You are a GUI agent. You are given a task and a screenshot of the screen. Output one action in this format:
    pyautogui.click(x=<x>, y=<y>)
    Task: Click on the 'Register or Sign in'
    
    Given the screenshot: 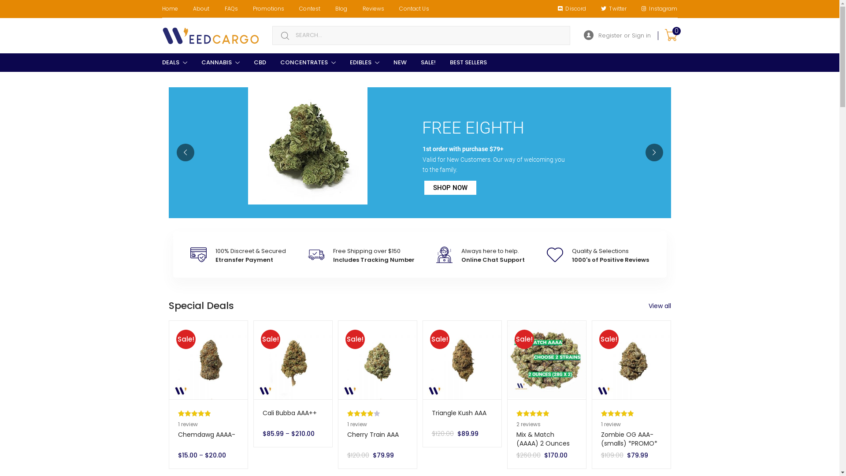 What is the action you would take?
    pyautogui.click(x=616, y=35)
    